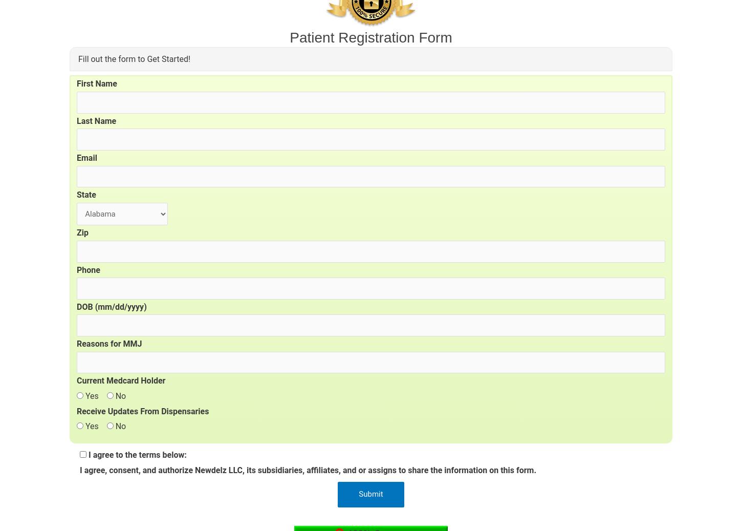 The height and width of the screenshot is (531, 742). I want to click on 'Patient Registration Form', so click(370, 36).